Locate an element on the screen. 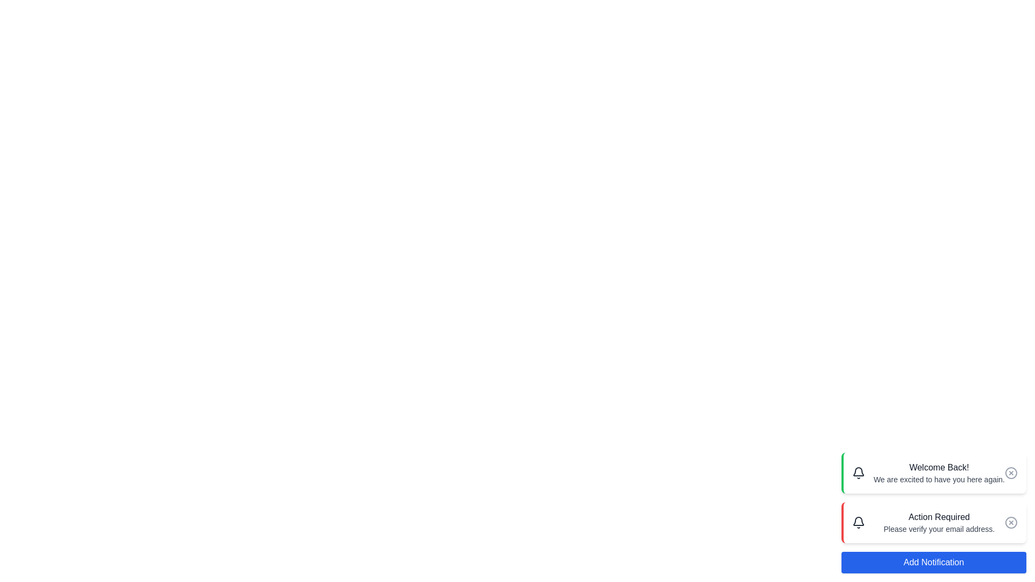  the close button of the notification titled 'Action Required' is located at coordinates (1011, 522).